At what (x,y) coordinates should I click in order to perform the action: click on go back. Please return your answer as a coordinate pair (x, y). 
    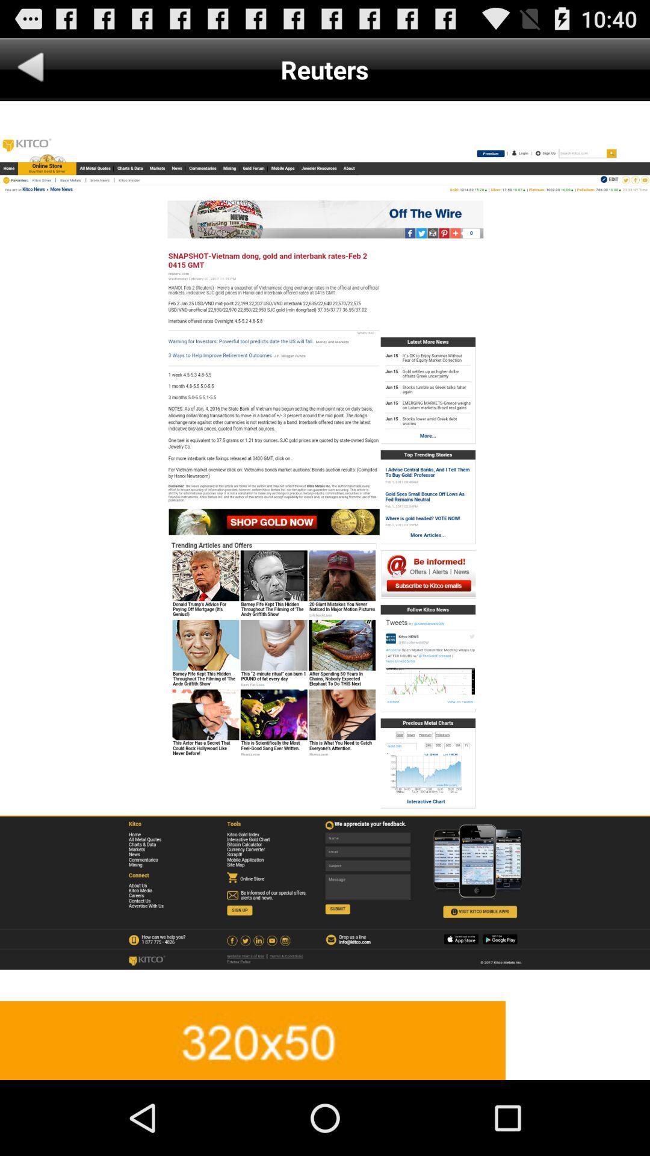
    Looking at the image, I should click on (30, 69).